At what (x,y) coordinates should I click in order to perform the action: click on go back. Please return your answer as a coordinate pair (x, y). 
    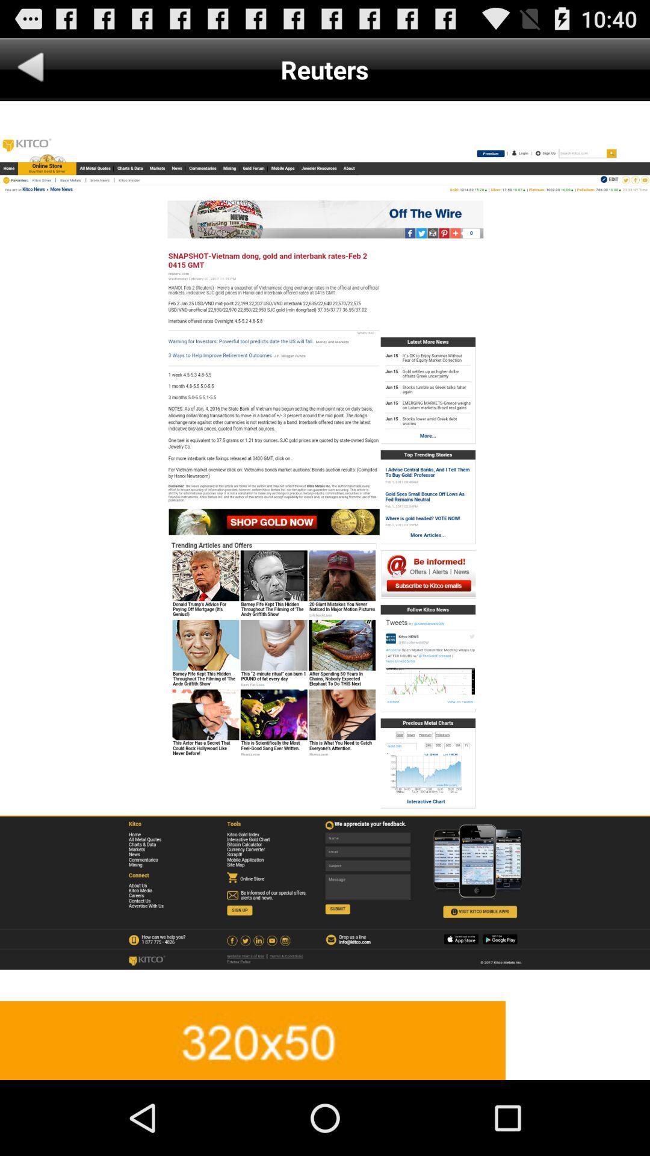
    Looking at the image, I should click on (30, 69).